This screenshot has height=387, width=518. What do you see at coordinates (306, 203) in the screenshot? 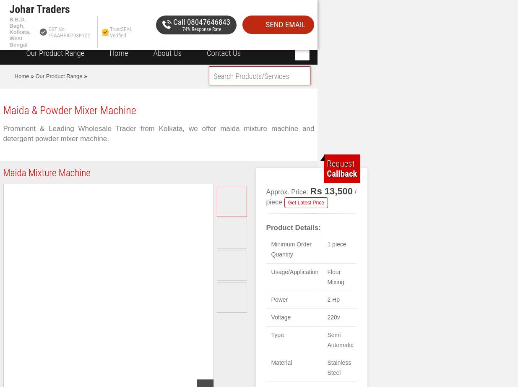
I see `'Get Latest Price'` at bounding box center [306, 203].